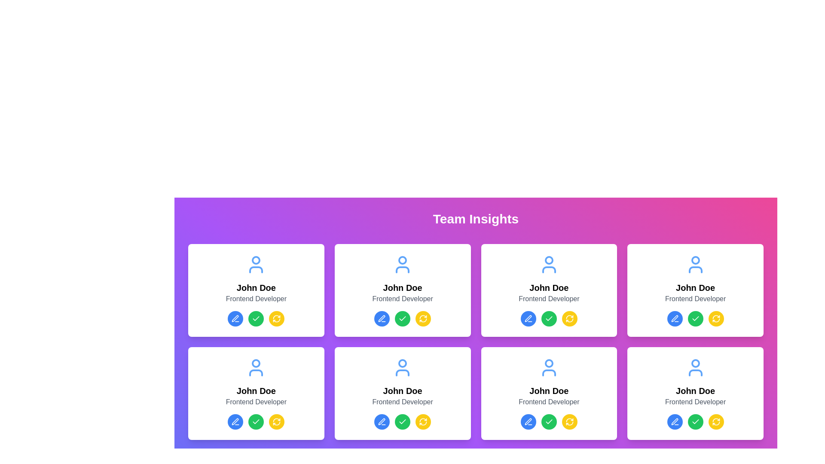 The image size is (825, 464). I want to click on the refresh icon button located in the bottom-right corner of the card in the second row and fourth column of the grid layout, so click(716, 421).